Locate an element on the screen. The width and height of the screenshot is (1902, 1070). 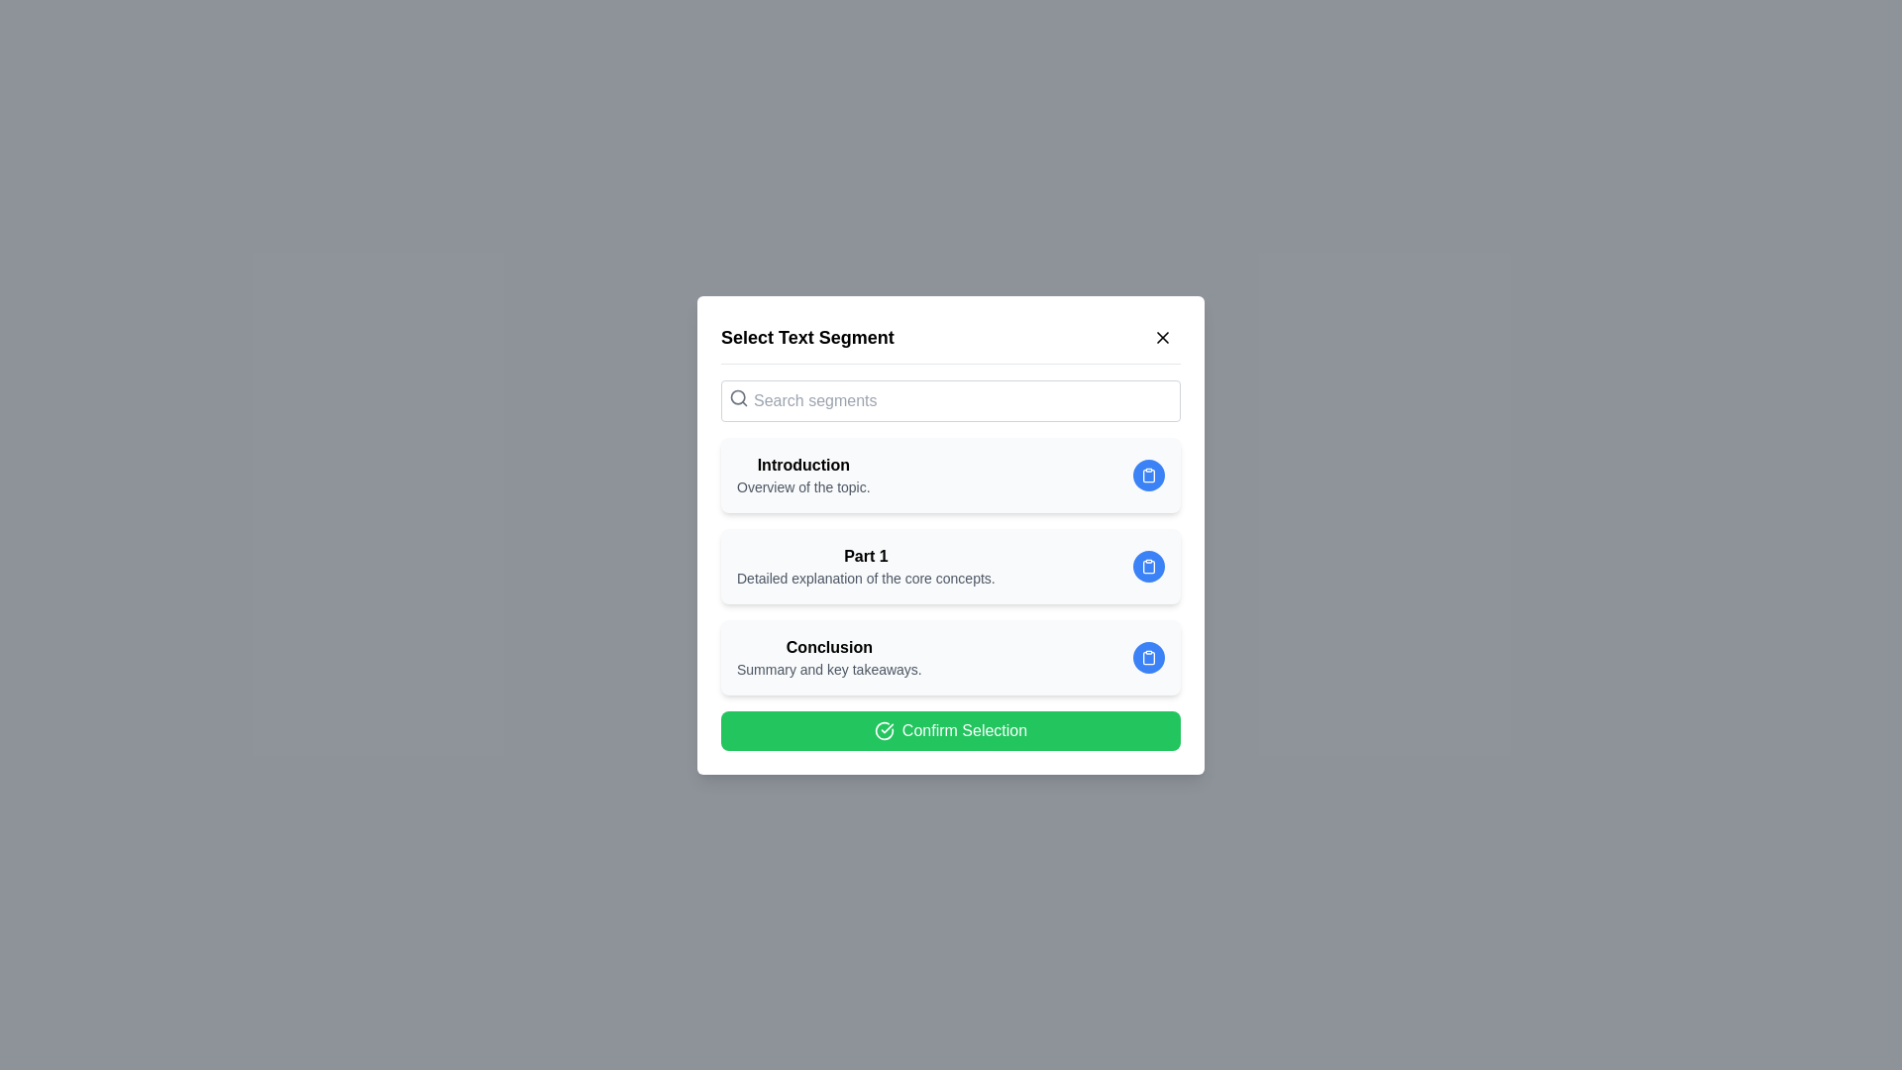
'Confirm Selection' button to confirm the selected segment is located at coordinates (951, 730).